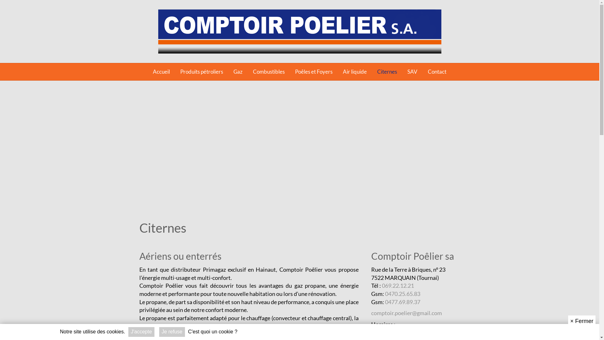  I want to click on '0470.25.65.83', so click(403, 294).